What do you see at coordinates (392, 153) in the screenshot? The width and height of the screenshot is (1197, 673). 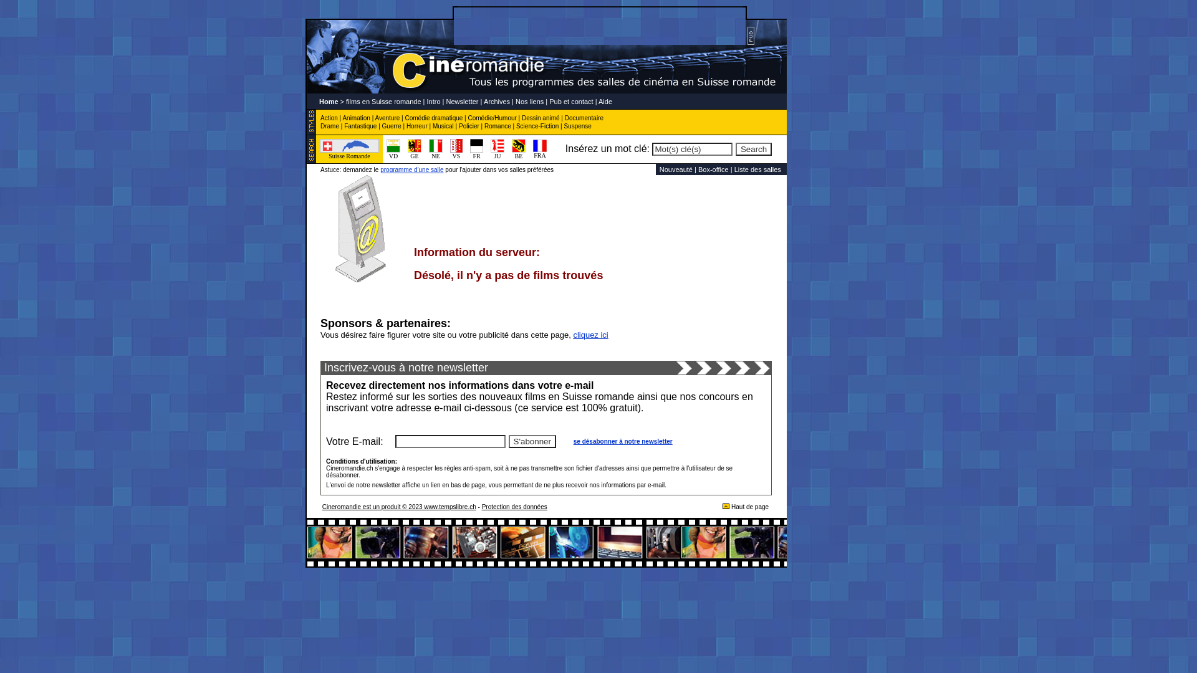 I see `'VD'` at bounding box center [392, 153].